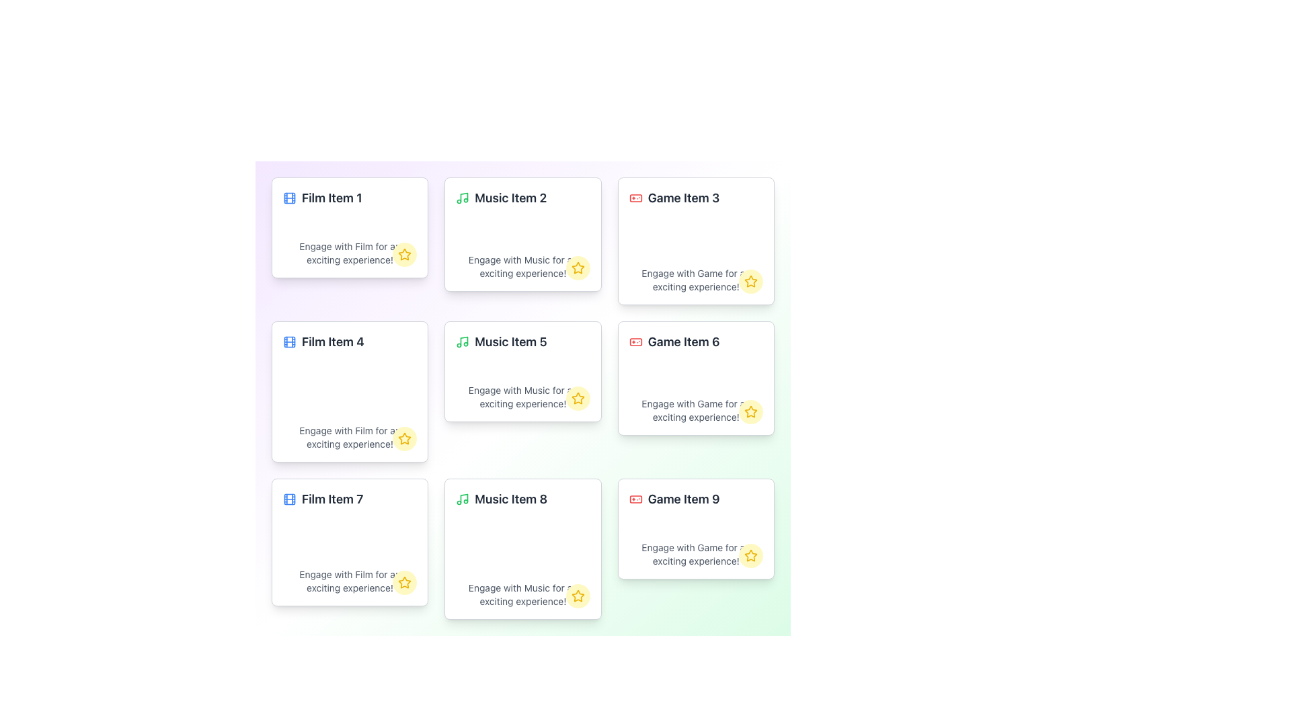 The height and width of the screenshot is (726, 1291). Describe the element at coordinates (696, 378) in the screenshot. I see `the sixth game-related item card in the grid layout, which displays details and a preview of the item` at that location.